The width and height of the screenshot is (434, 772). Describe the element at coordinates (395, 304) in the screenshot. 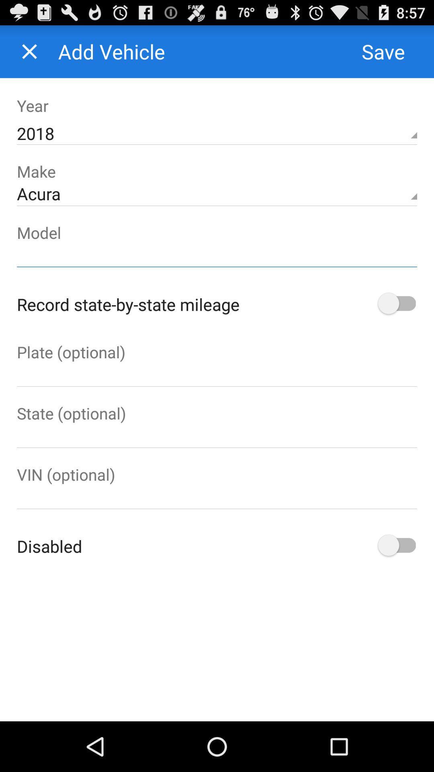

I see `record state-by-state mileage option` at that location.